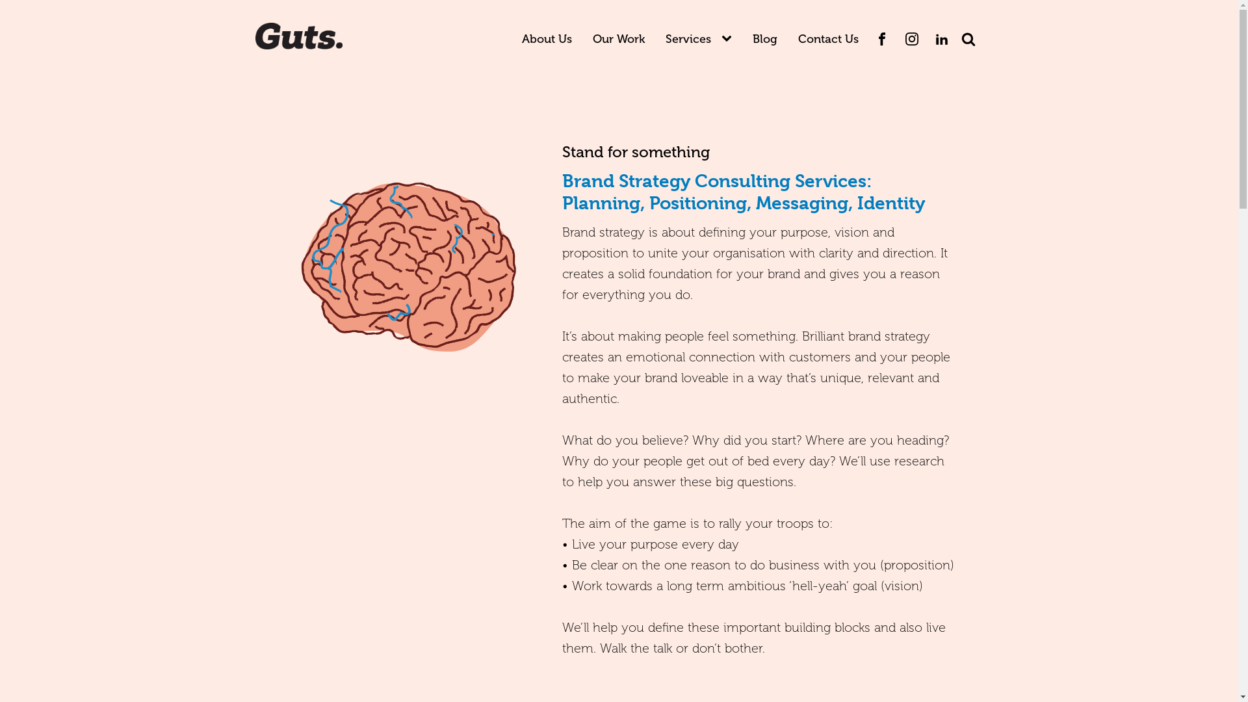 The image size is (1248, 702). Describe the element at coordinates (688, 38) in the screenshot. I see `'Services'` at that location.